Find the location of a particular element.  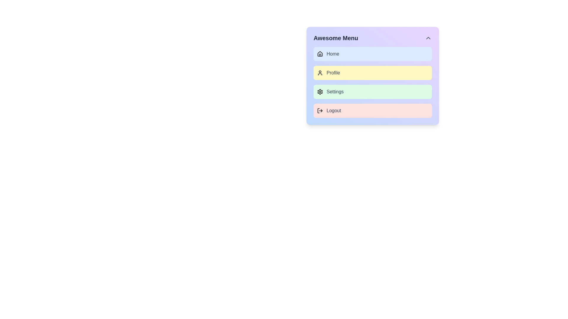

the settings icon, which resembles a cogwheel and is located to the left of the word 'Settings' in the menu is located at coordinates (319, 92).